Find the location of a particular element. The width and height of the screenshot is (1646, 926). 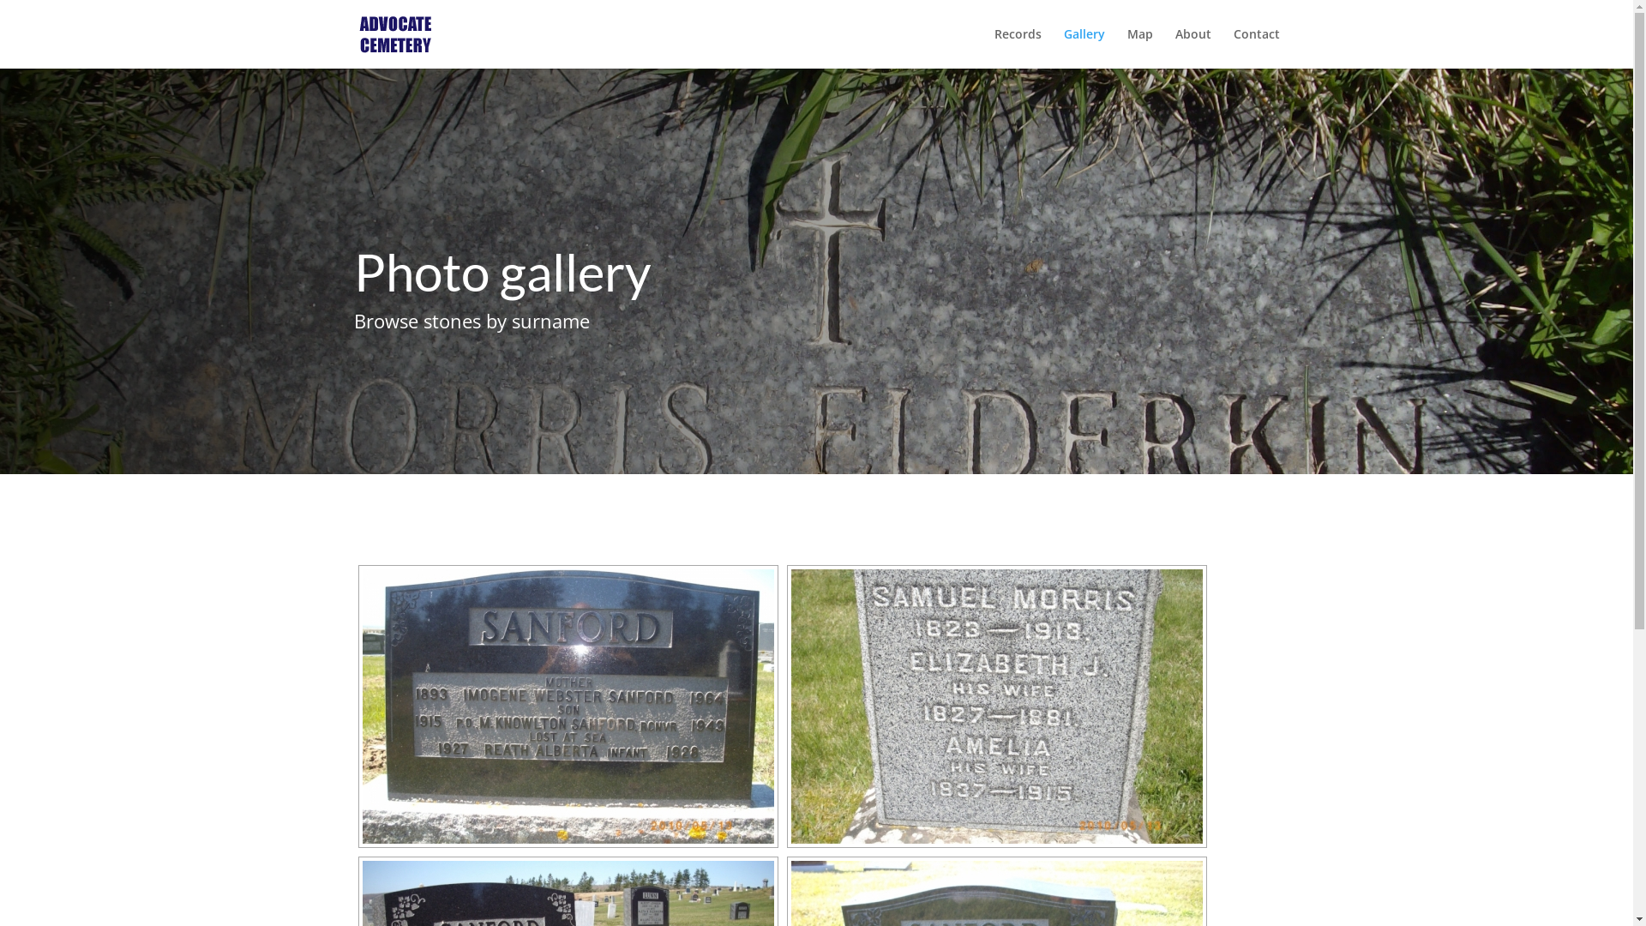

'Gallery' is located at coordinates (1082, 47).